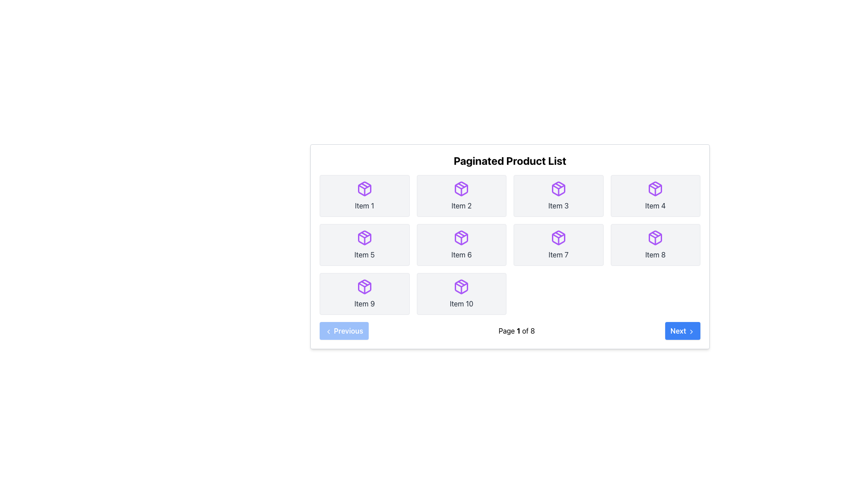 This screenshot has height=481, width=856. What do you see at coordinates (558, 188) in the screenshot?
I see `the purple, outlined package icon resembling a 3D box located in the third tile of the top row labeled 'Item 3'` at bounding box center [558, 188].